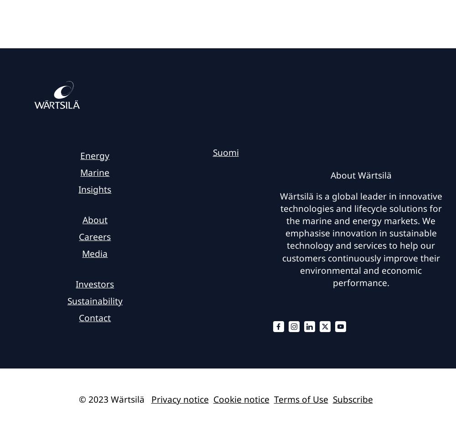 The width and height of the screenshot is (456, 430). Describe the element at coordinates (225, 152) in the screenshot. I see `'suomi'` at that location.